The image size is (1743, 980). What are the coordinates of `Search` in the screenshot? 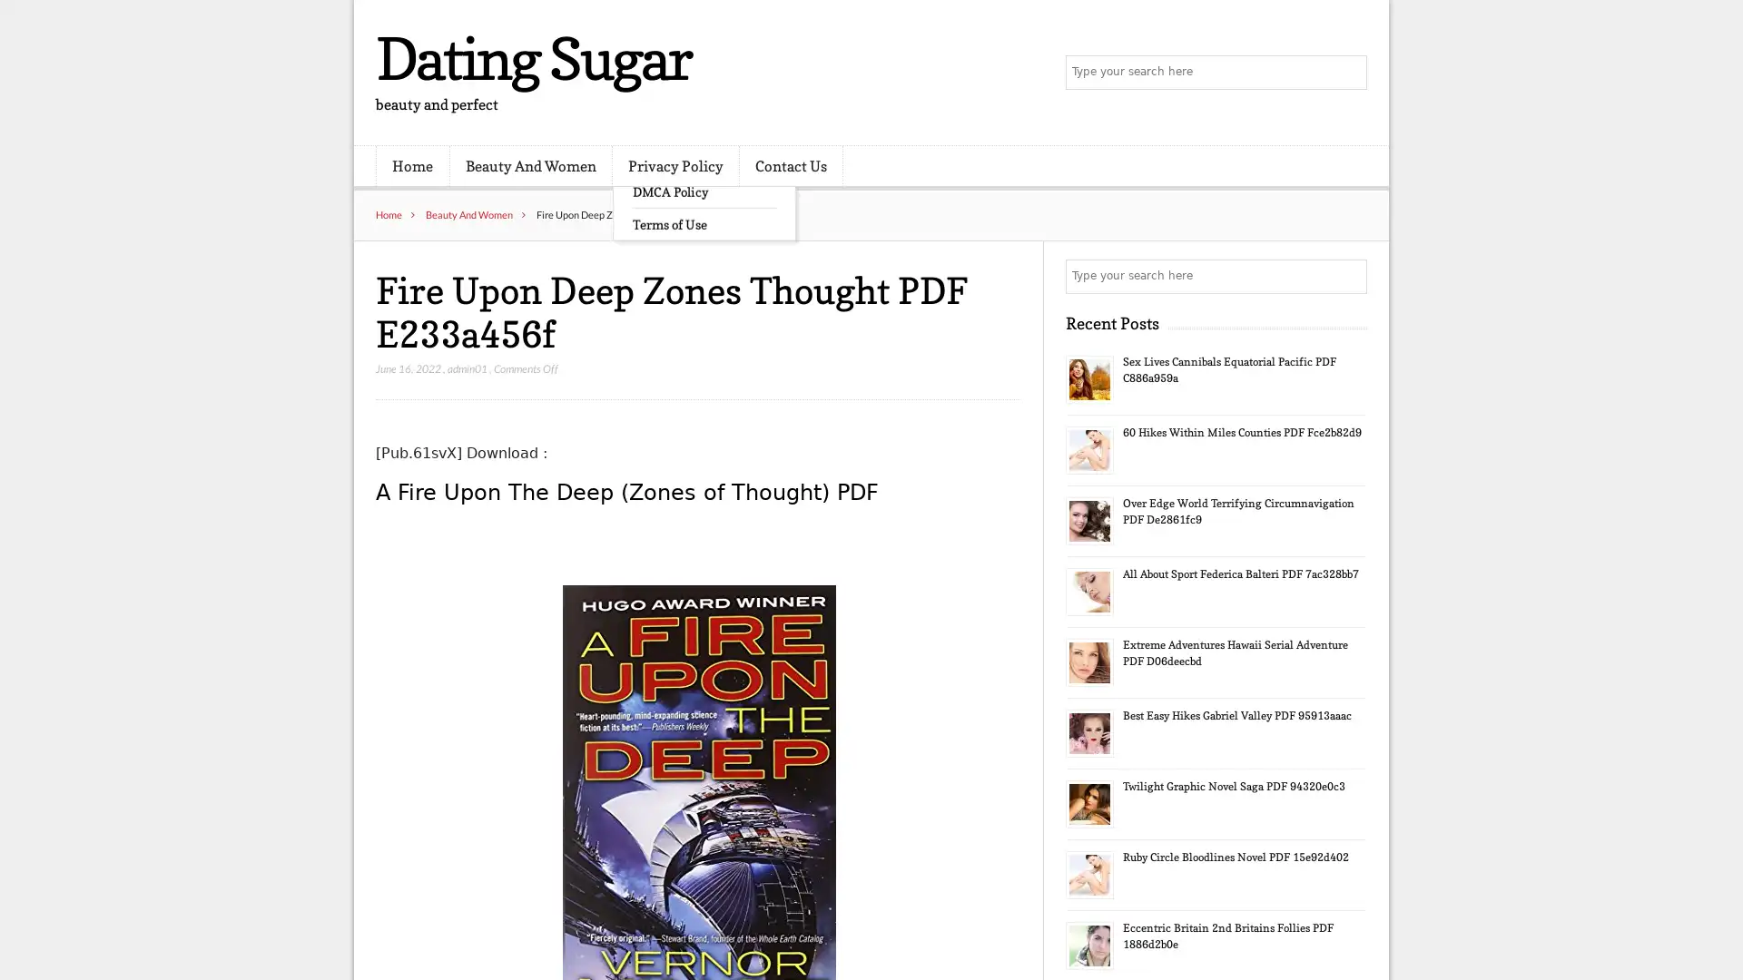 It's located at (1348, 276).